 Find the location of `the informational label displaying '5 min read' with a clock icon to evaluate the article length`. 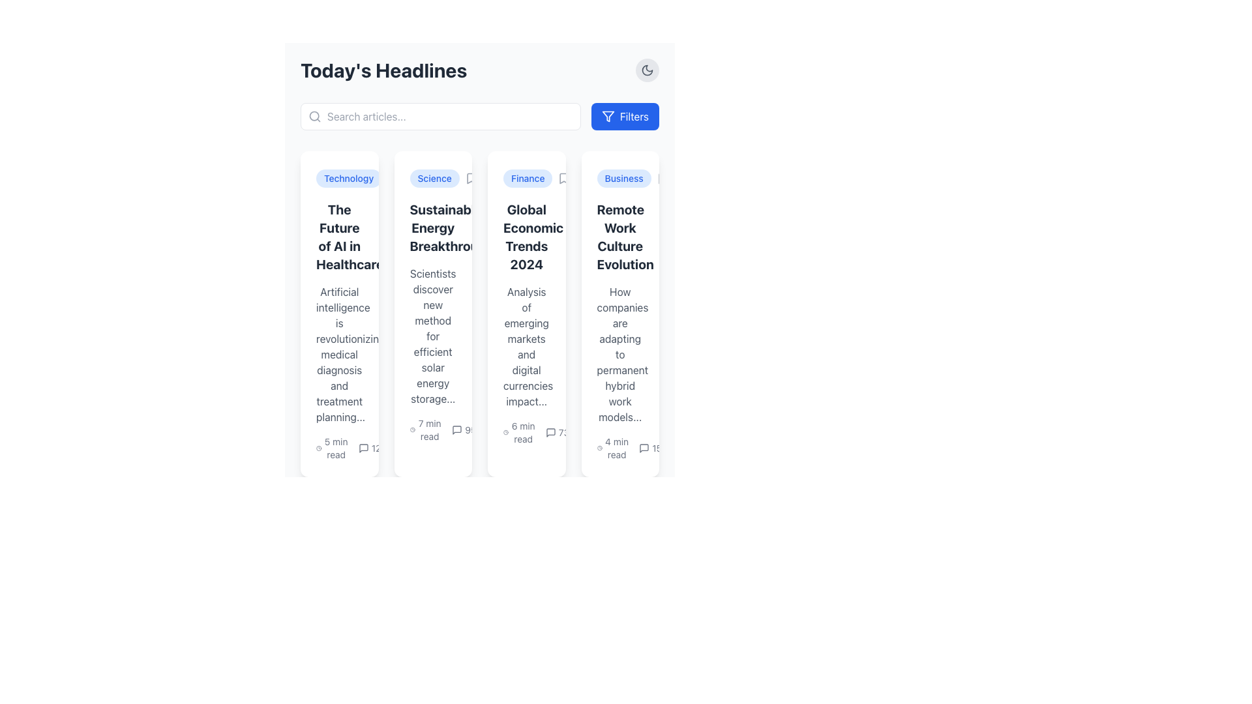

the informational label displaying '5 min read' with a clock icon to evaluate the article length is located at coordinates (332, 447).